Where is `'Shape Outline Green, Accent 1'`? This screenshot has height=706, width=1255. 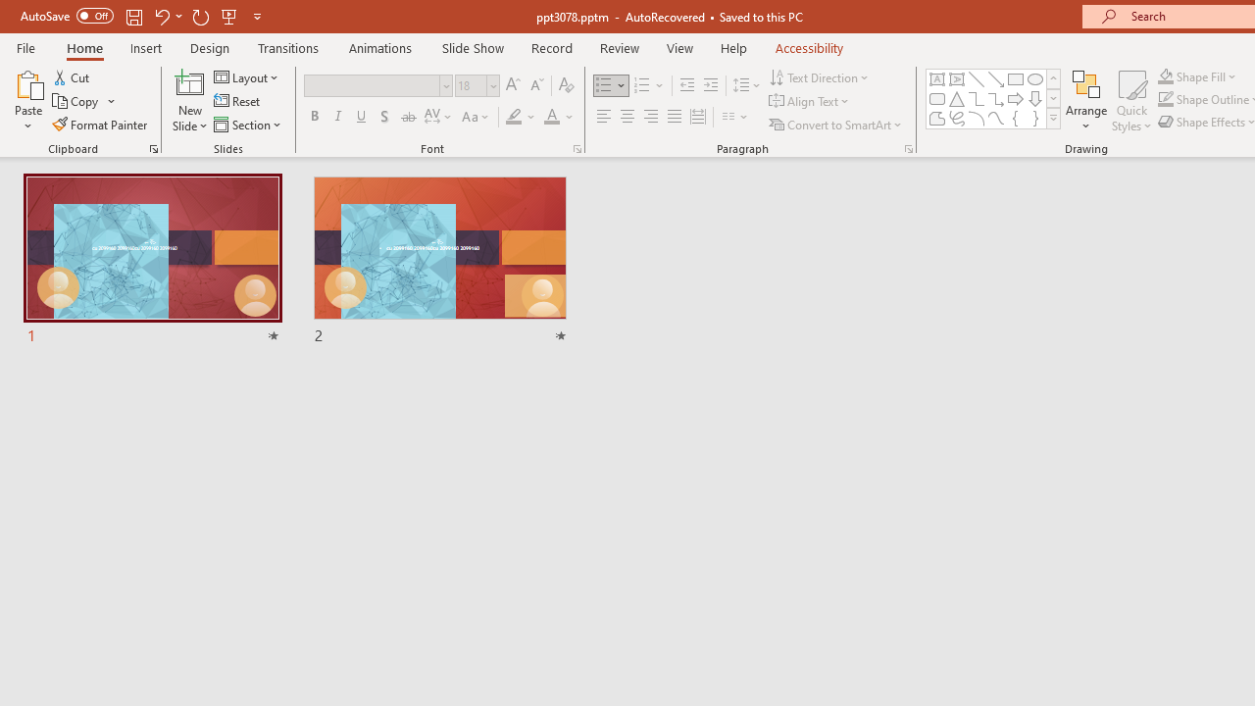
'Shape Outline Green, Accent 1' is located at coordinates (1166, 99).